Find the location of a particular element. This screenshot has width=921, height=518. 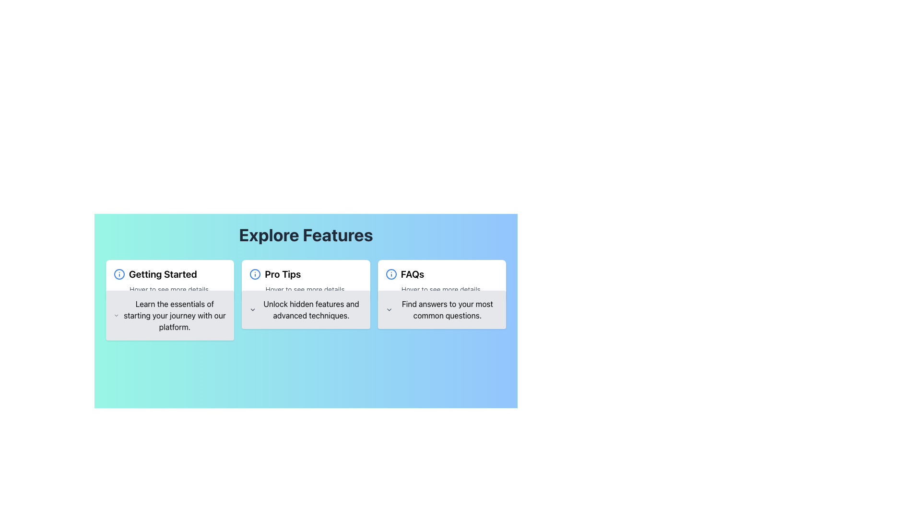

the static text content providing introductory information beneath the 'Getting Started' title, located in the lower half of the leftmost card in the 'Explore Features' section is located at coordinates (175, 316).